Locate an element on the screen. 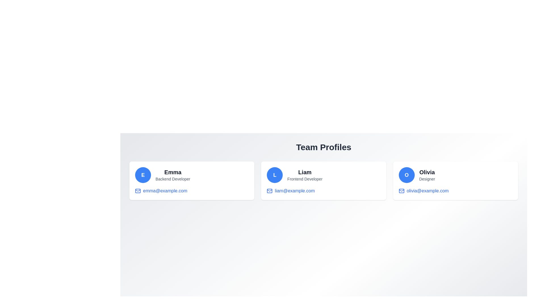  the 'Team Profiles' Text Header is located at coordinates (324, 147).